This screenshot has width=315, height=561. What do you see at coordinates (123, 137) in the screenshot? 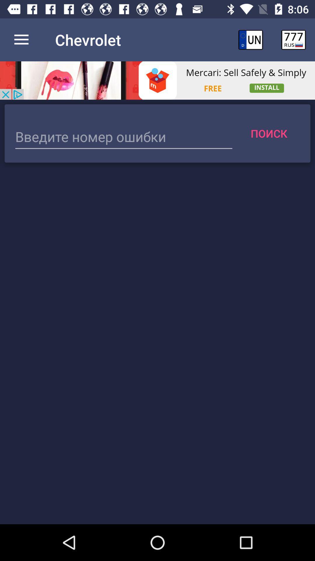
I see `text box to enter` at bounding box center [123, 137].